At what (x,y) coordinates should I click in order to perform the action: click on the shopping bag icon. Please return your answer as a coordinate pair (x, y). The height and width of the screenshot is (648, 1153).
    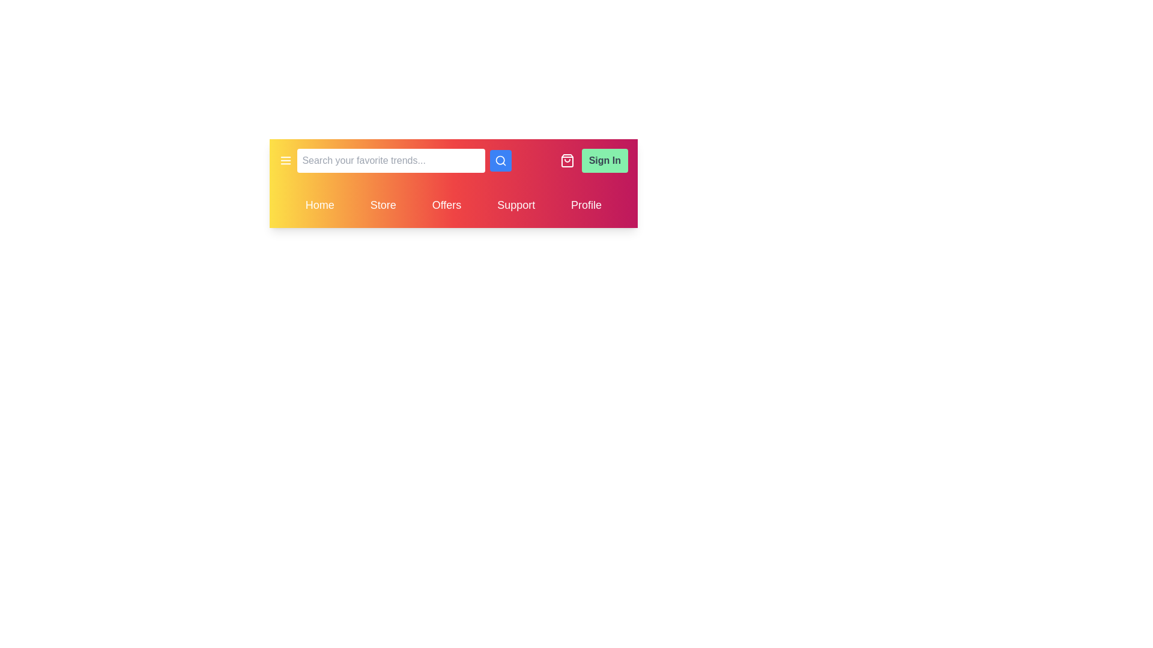
    Looking at the image, I should click on (566, 160).